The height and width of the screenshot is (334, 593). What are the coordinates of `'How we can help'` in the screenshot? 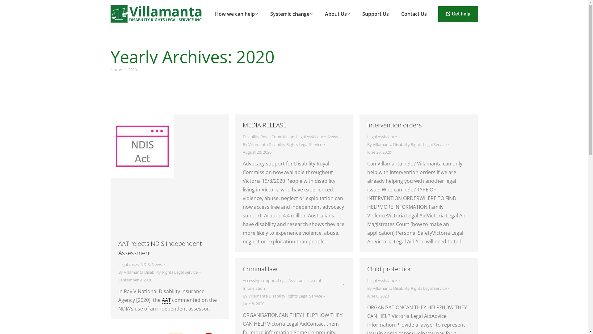 It's located at (236, 14).